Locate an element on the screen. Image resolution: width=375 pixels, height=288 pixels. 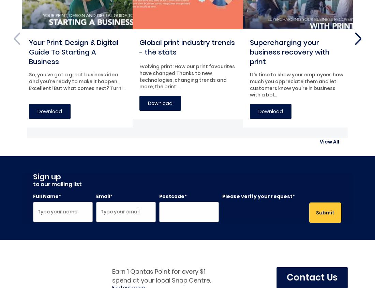
'Evolving print: How our print favourites have changed

 Thanks to new technologies, changing trends and more, the print ...' is located at coordinates (187, 76).